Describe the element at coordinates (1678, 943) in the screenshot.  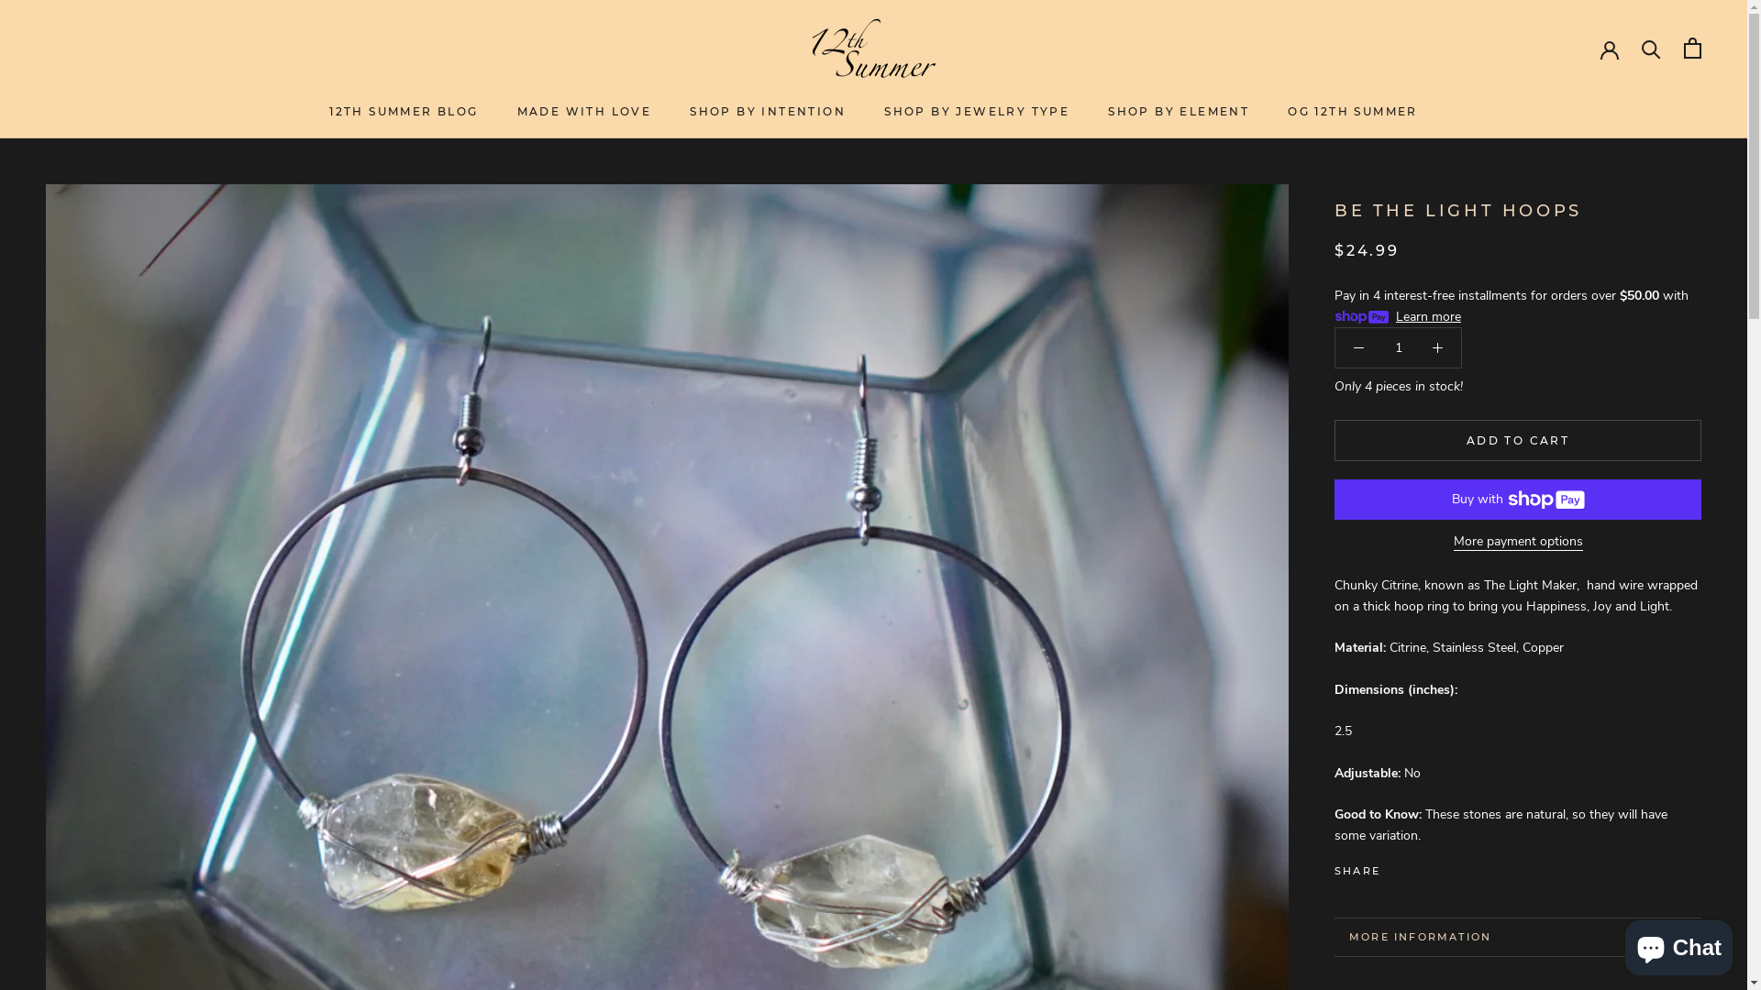
I see `'Shopify online store chat'` at that location.